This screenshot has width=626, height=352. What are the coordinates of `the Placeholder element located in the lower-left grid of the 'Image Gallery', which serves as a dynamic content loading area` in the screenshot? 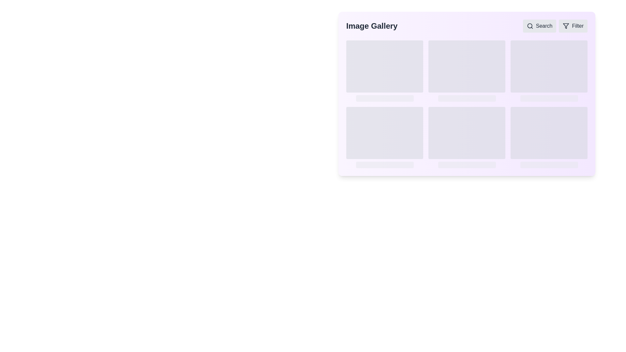 It's located at (385, 133).